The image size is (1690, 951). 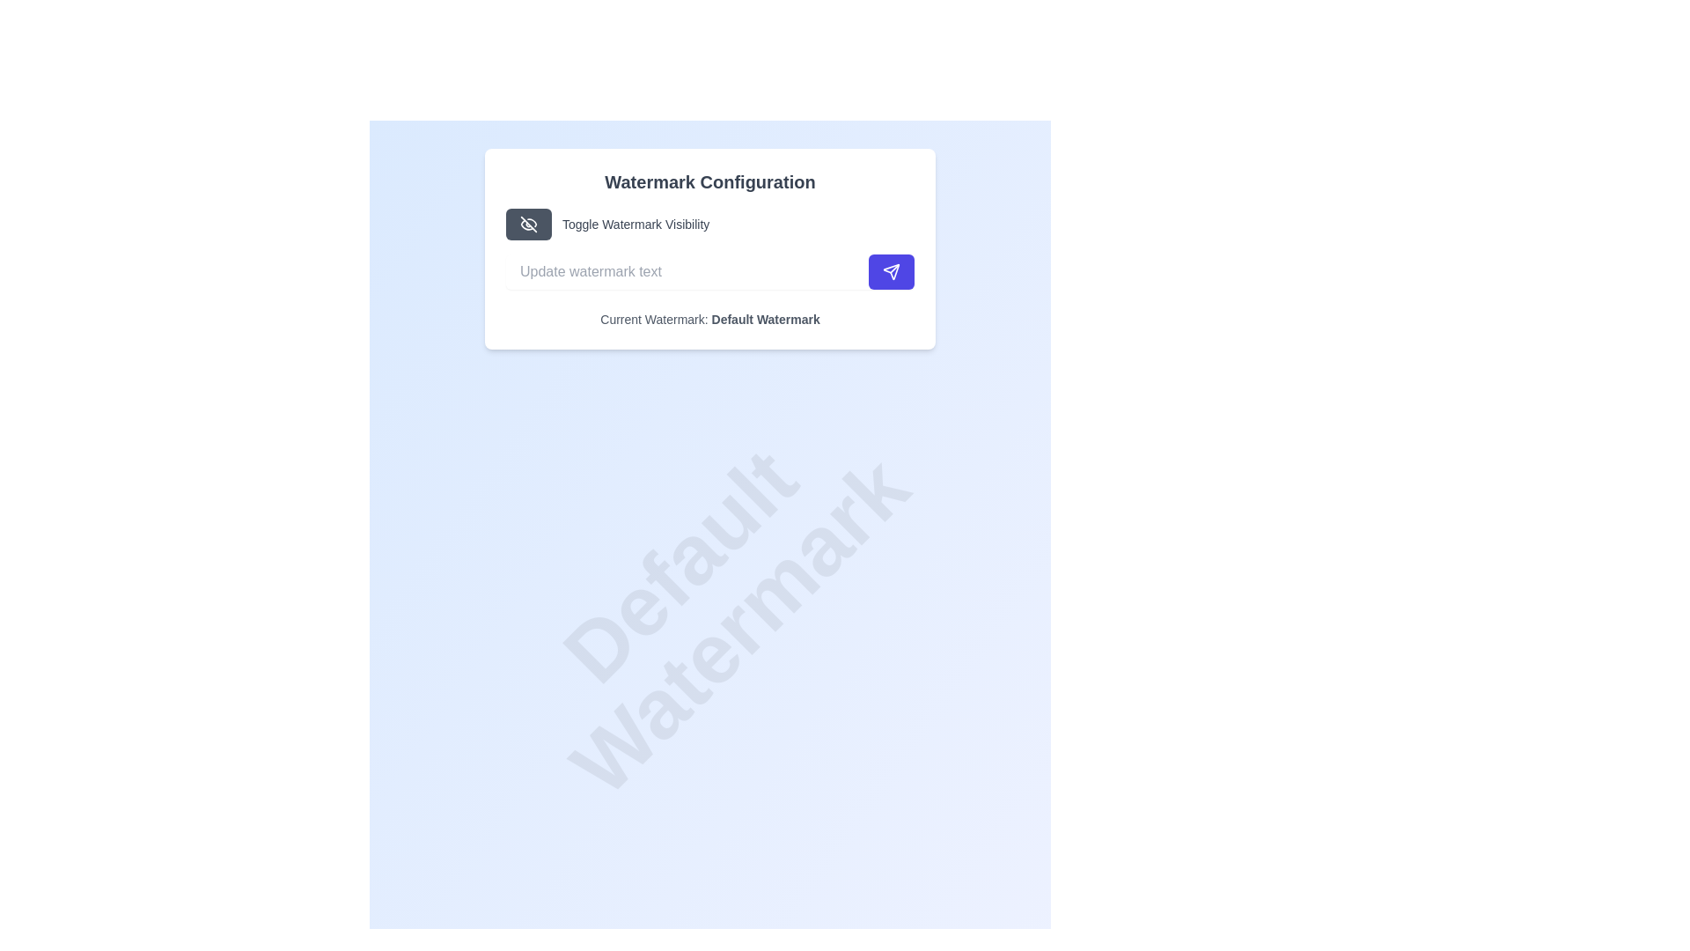 I want to click on the stylized paper plane icon button, which is located at the right-hand side of the 'Update watermark text' field, so click(x=891, y=271).